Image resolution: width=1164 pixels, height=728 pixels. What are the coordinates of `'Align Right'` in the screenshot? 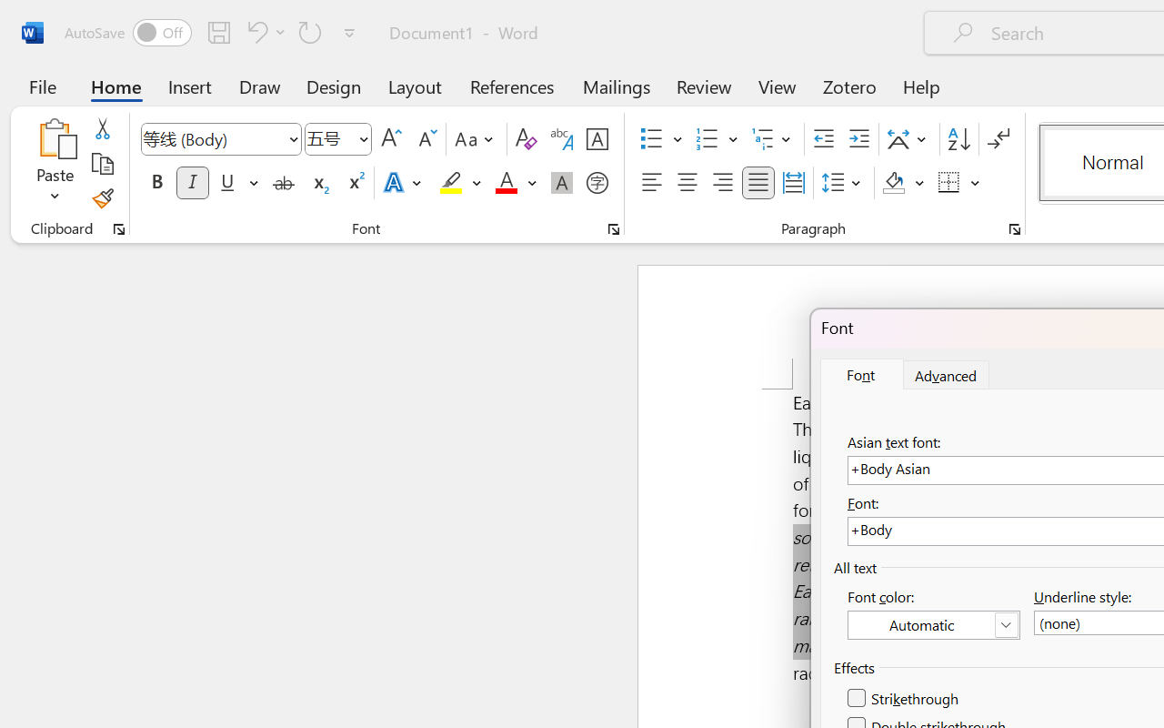 It's located at (721, 183).